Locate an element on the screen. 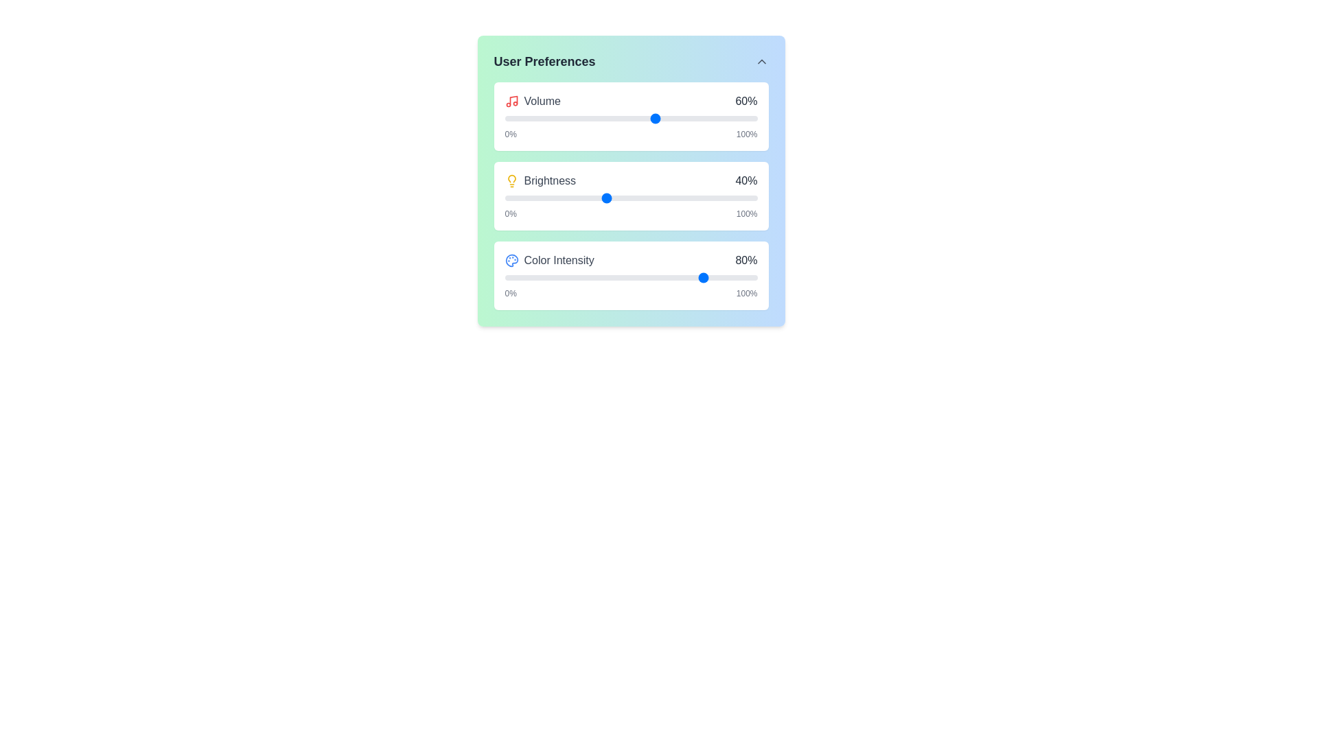 The height and width of the screenshot is (741, 1318). the Color Intensity range slider, which is currently set at 80%, to receive feedback is located at coordinates (630, 278).